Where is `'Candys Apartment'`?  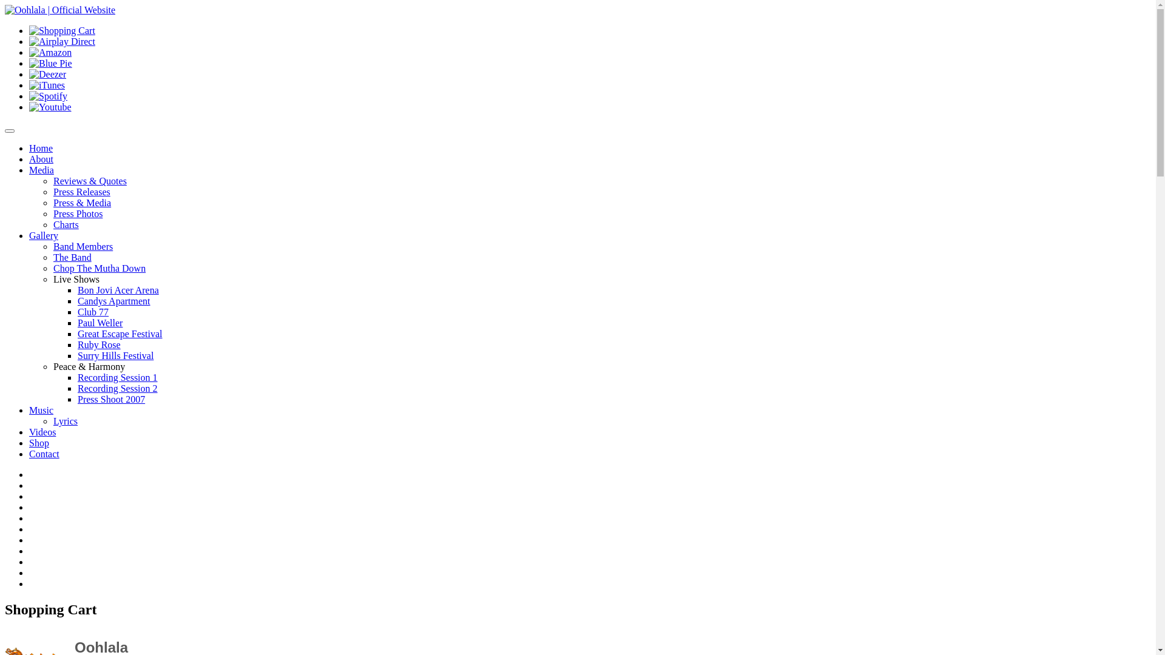
'Candys Apartment' is located at coordinates (113, 300).